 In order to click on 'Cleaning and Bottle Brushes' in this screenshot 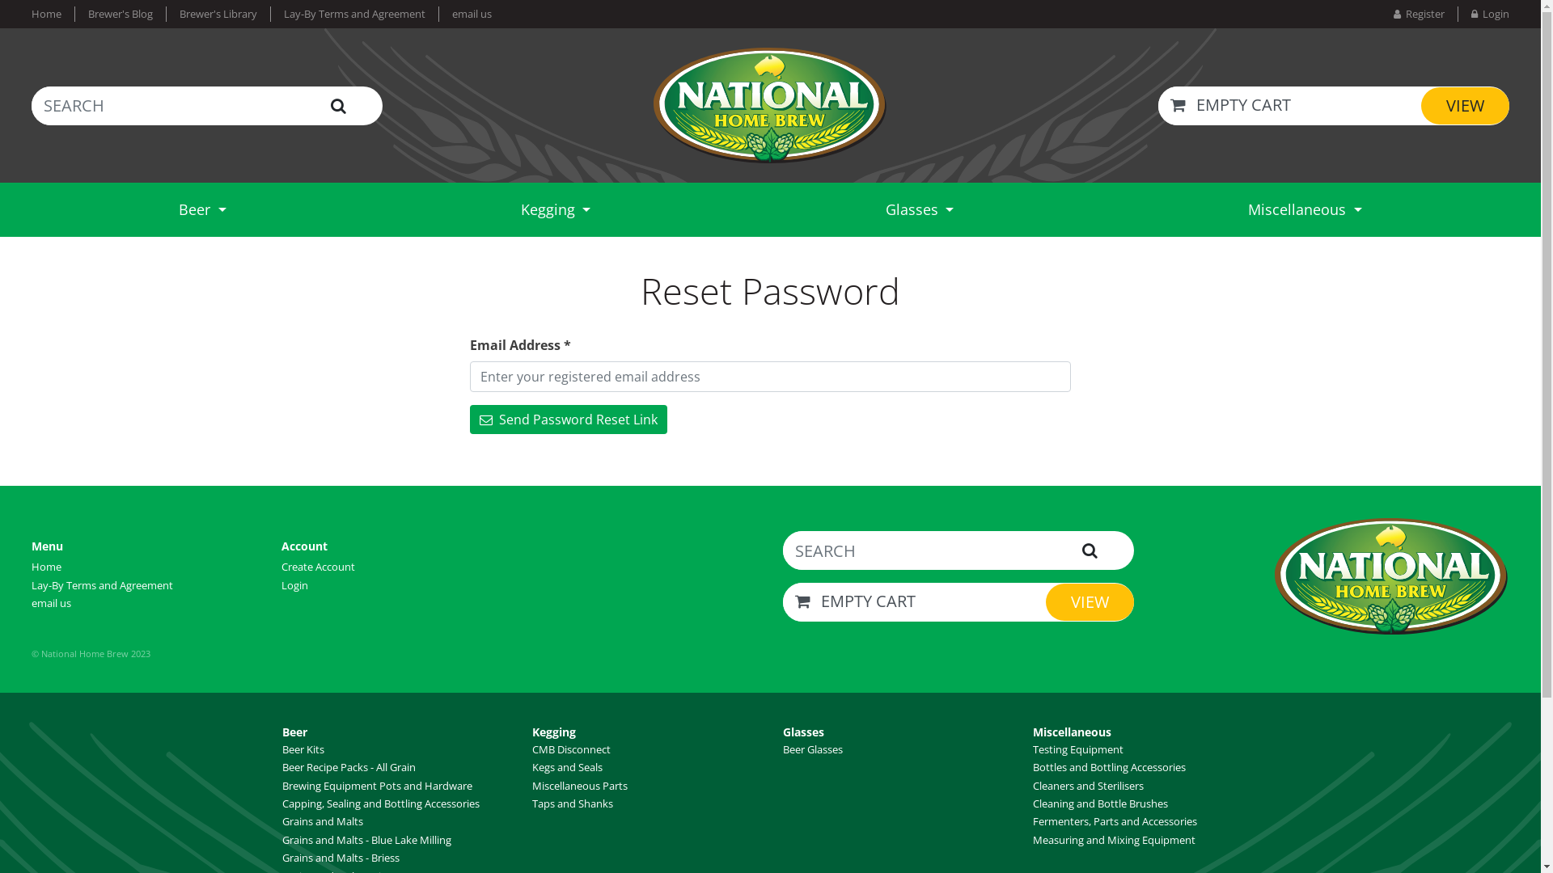, I will do `click(1100, 803)`.